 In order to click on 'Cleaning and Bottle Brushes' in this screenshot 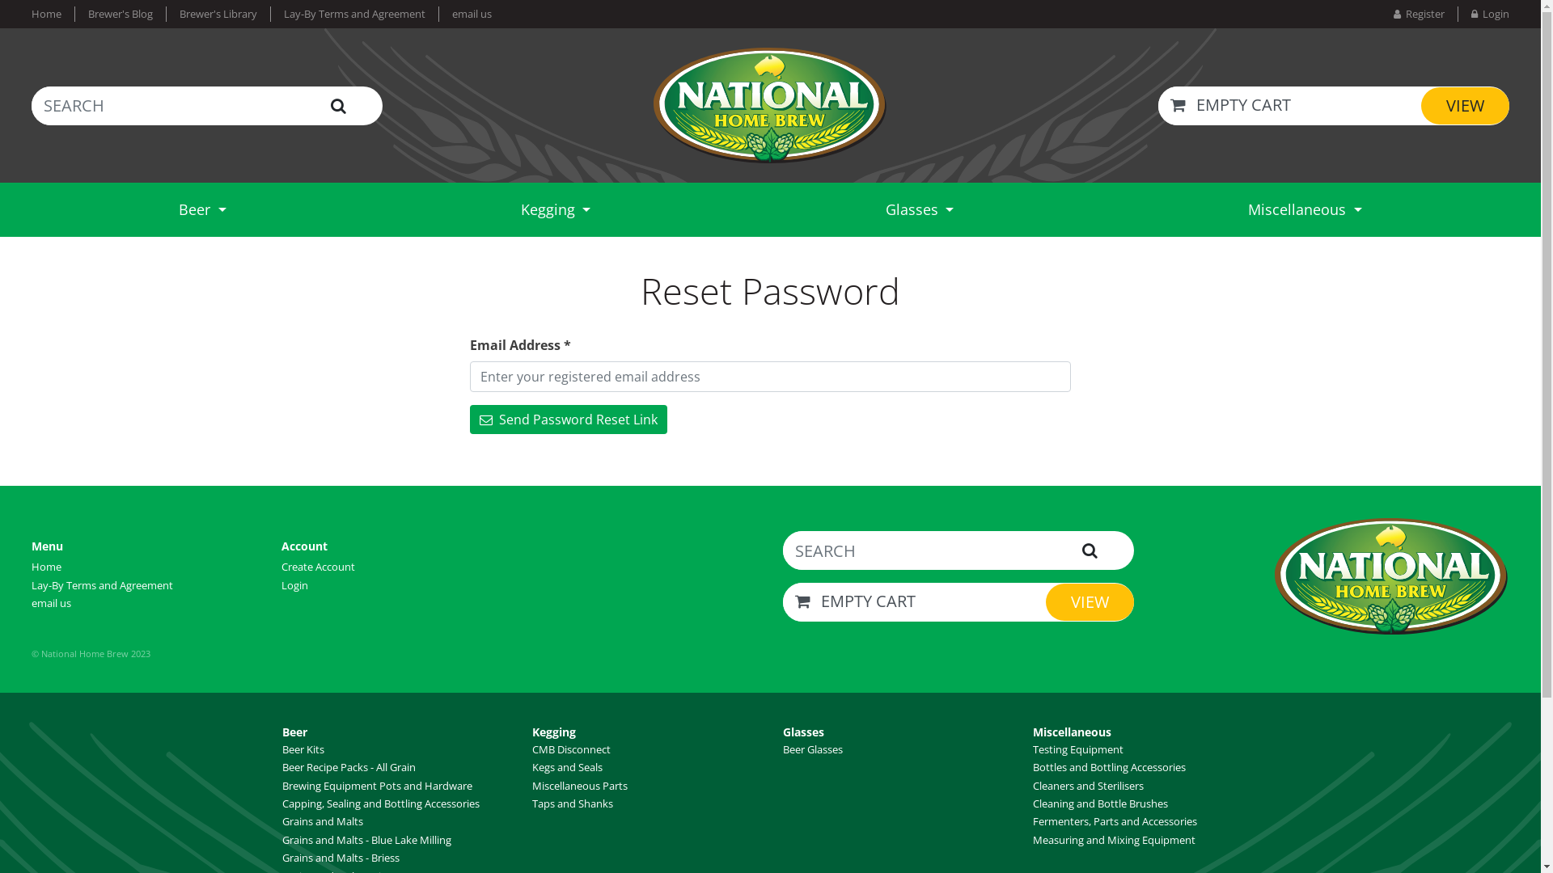, I will do `click(1100, 803)`.